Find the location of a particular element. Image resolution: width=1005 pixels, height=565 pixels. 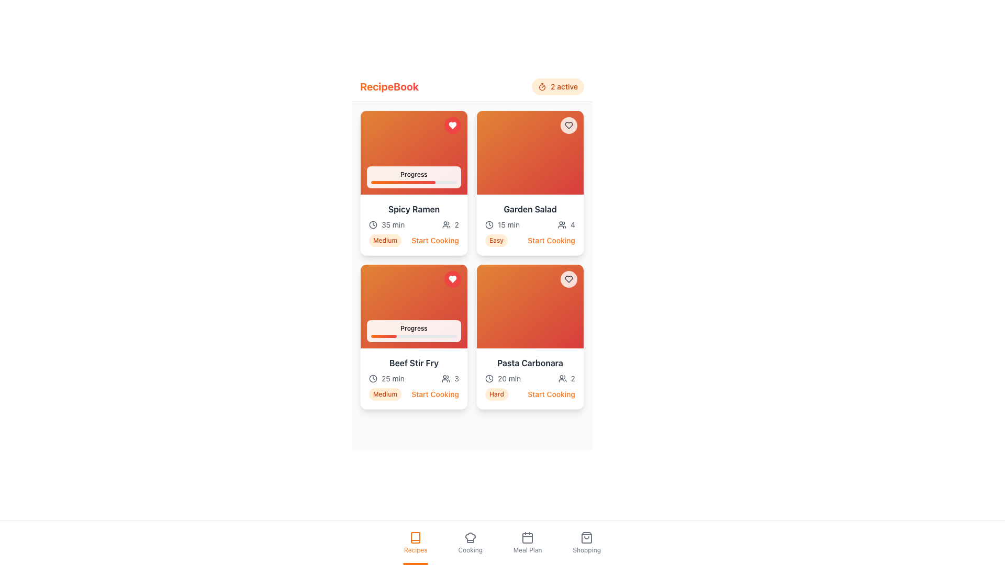

the rounded rectangle background of the calendar icon located in the bottom menu of the interface is located at coordinates (528, 538).